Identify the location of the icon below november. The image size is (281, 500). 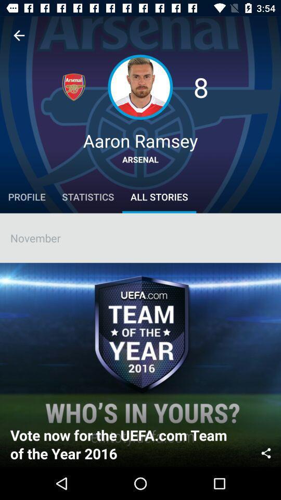
(266, 452).